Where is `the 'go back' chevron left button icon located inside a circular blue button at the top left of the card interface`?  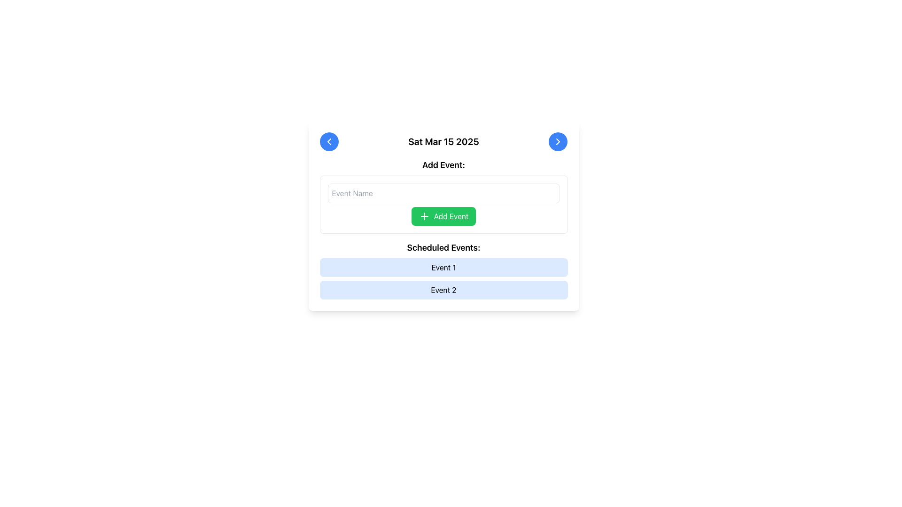 the 'go back' chevron left button icon located inside a circular blue button at the top left of the card interface is located at coordinates (329, 141).